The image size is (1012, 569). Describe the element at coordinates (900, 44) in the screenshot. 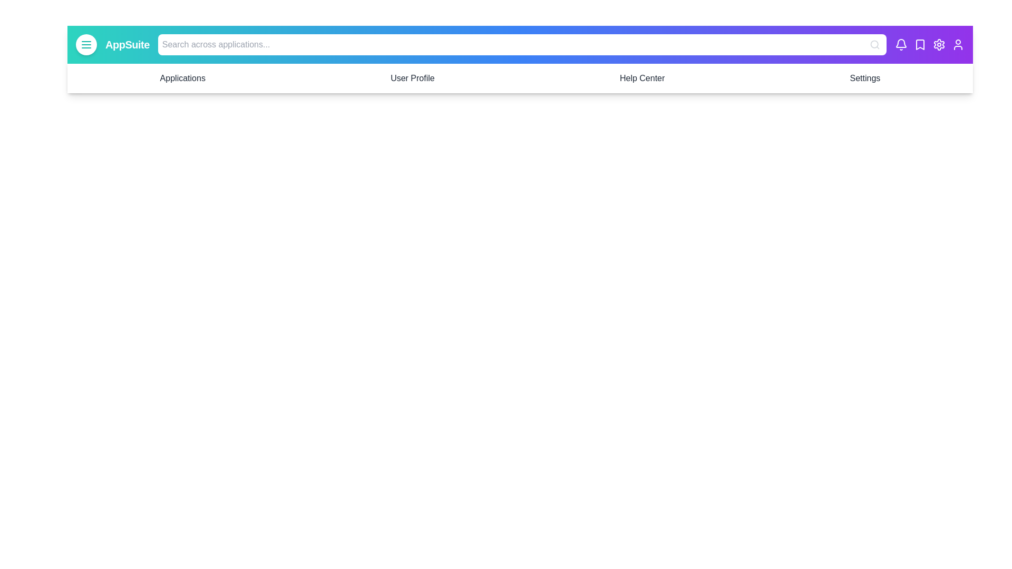

I see `the notification icon in the EnhancedAppBar` at that location.